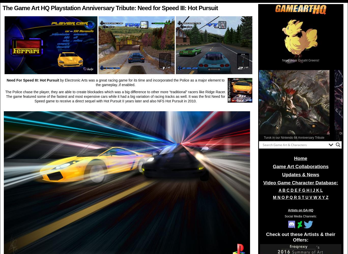  I want to click on 'O', so click(283, 197).